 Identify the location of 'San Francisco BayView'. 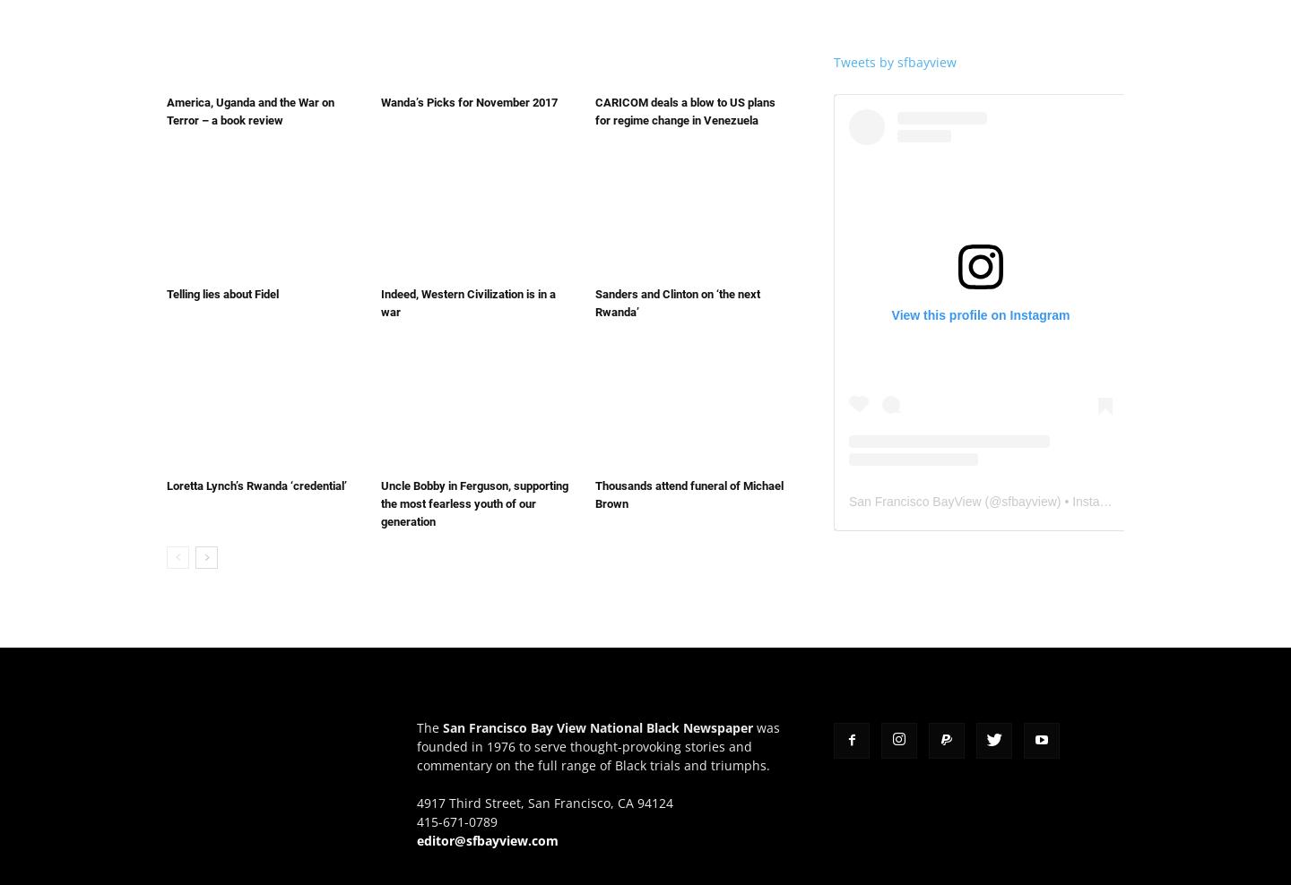
(914, 501).